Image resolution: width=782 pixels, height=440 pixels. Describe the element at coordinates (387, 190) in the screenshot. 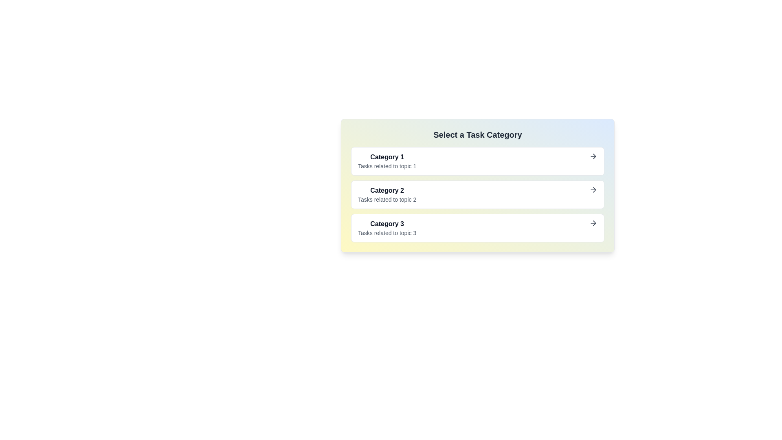

I see `the text label element displaying 'Category 2', which is the second item in a vertically stacked list of categories, positioned between 'Category 1' and 'Category 3'` at that location.